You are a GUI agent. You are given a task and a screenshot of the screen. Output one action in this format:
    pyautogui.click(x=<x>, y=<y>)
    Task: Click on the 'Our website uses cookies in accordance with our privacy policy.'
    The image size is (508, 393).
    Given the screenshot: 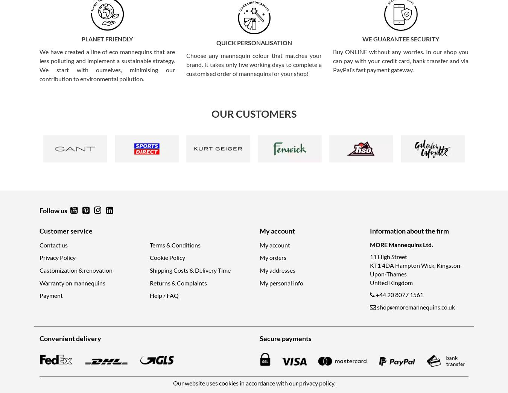 What is the action you would take?
    pyautogui.click(x=172, y=383)
    